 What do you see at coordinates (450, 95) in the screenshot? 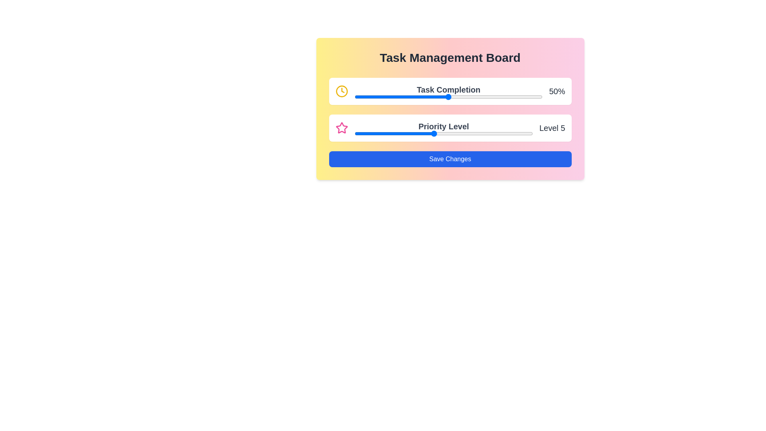
I see `task completion` at bounding box center [450, 95].